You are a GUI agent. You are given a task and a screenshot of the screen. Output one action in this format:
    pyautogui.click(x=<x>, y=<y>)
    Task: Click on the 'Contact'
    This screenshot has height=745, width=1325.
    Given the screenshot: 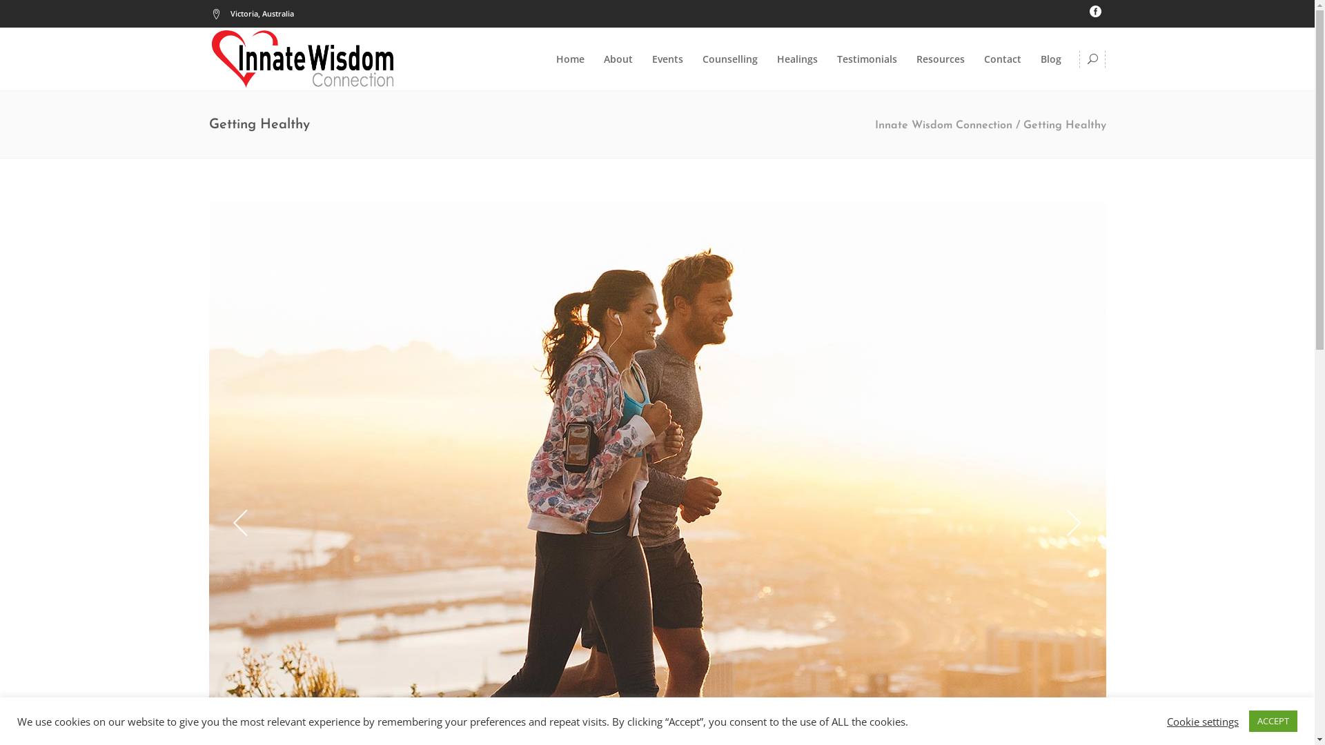 What is the action you would take?
    pyautogui.click(x=1003, y=58)
    